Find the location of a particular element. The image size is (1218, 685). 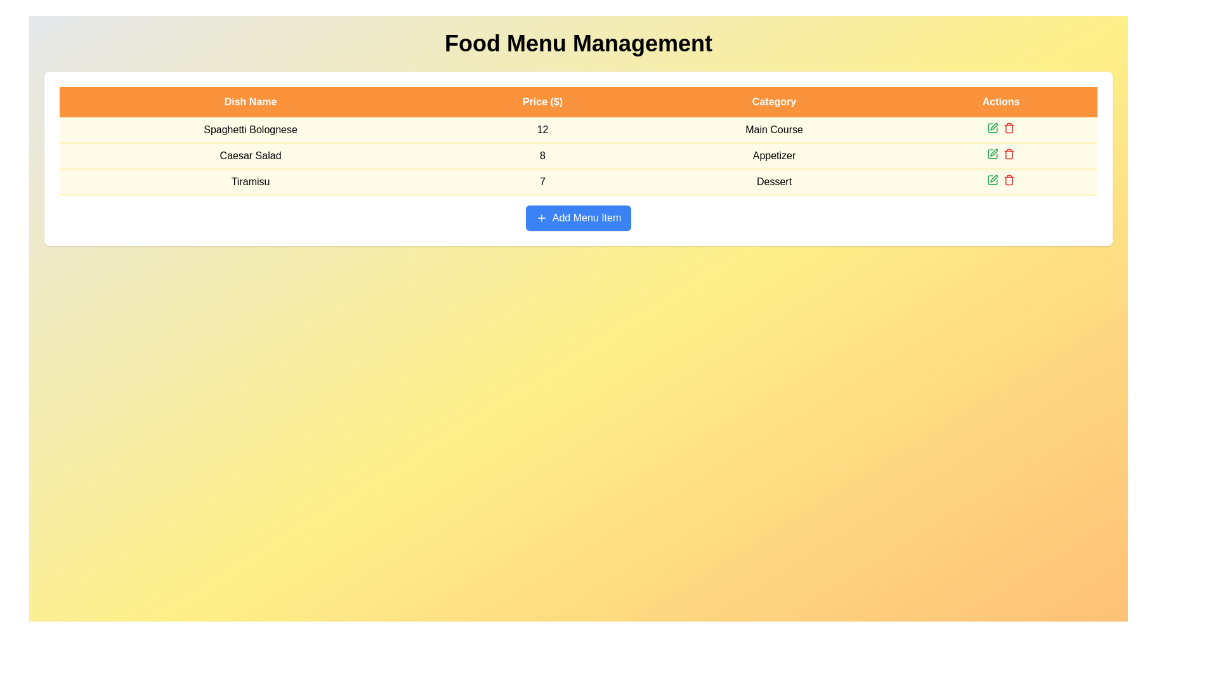

the leftmost button in the 'Actions' column of the table in the second row to initiate editing is located at coordinates (992, 153).